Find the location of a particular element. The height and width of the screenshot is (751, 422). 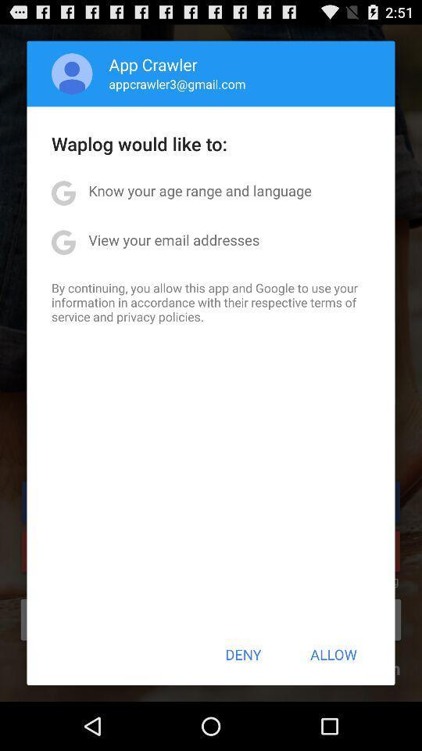

app above the by continuing you is located at coordinates (173, 239).